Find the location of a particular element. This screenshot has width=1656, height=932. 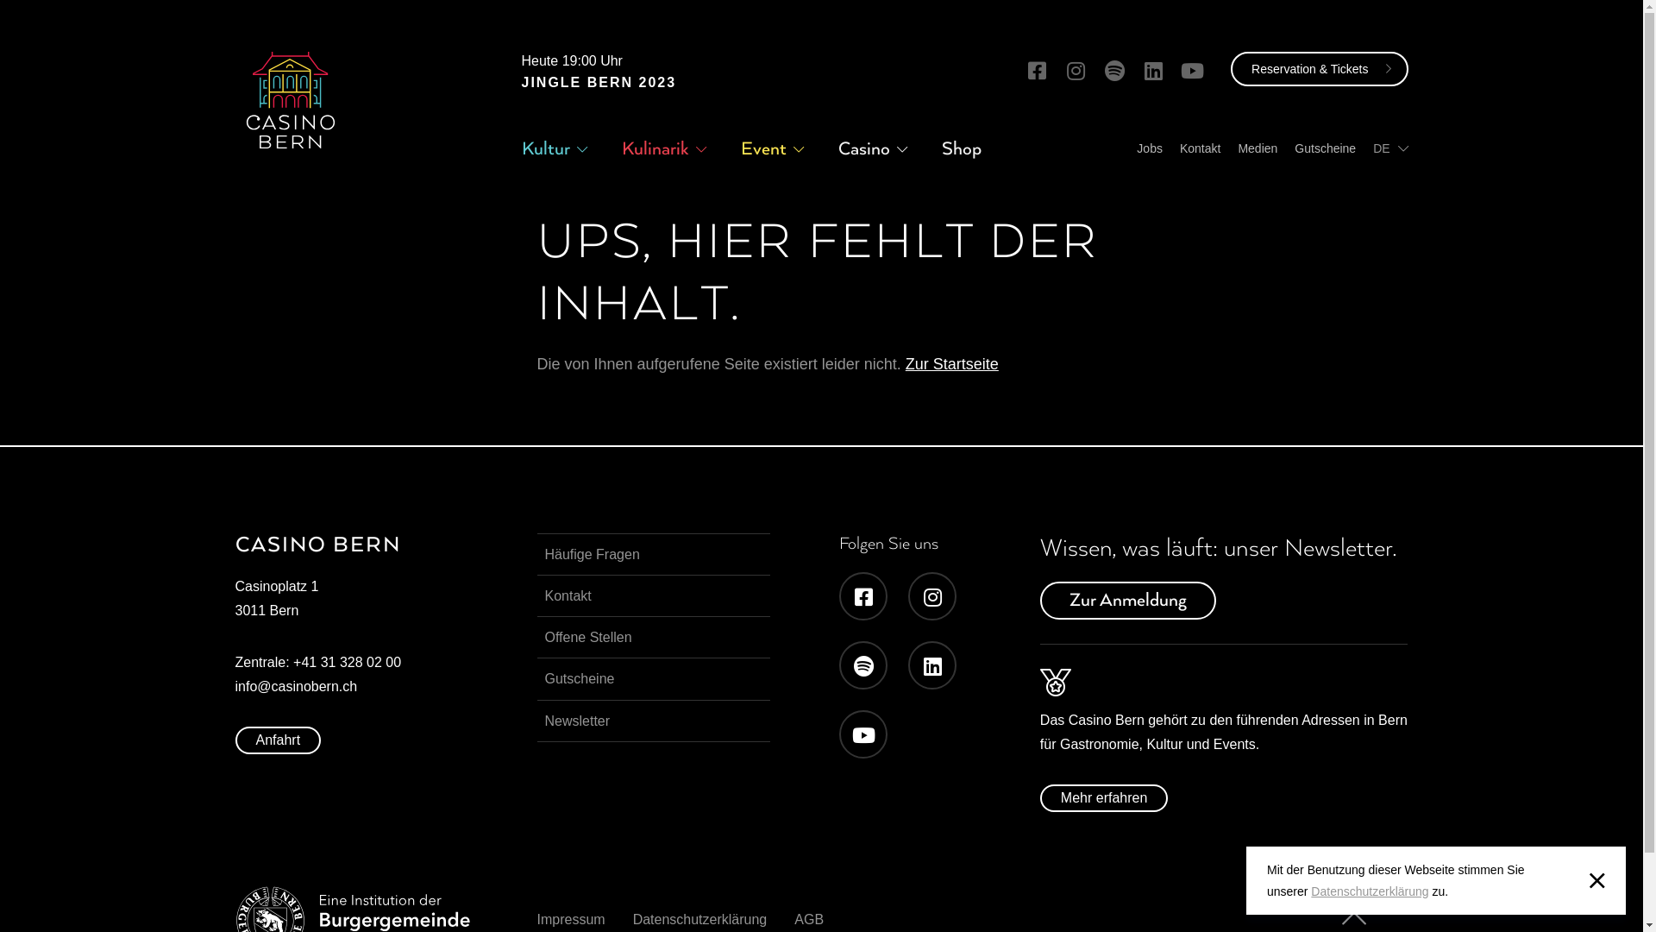

'Gutscheine' is located at coordinates (1324, 148).